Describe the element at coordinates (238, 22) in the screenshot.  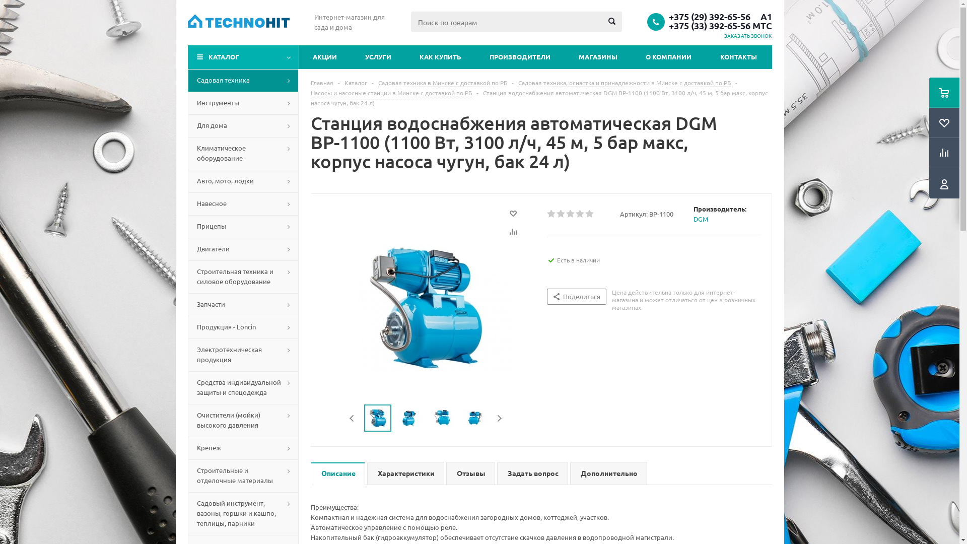
I see `'Technohit'` at that location.